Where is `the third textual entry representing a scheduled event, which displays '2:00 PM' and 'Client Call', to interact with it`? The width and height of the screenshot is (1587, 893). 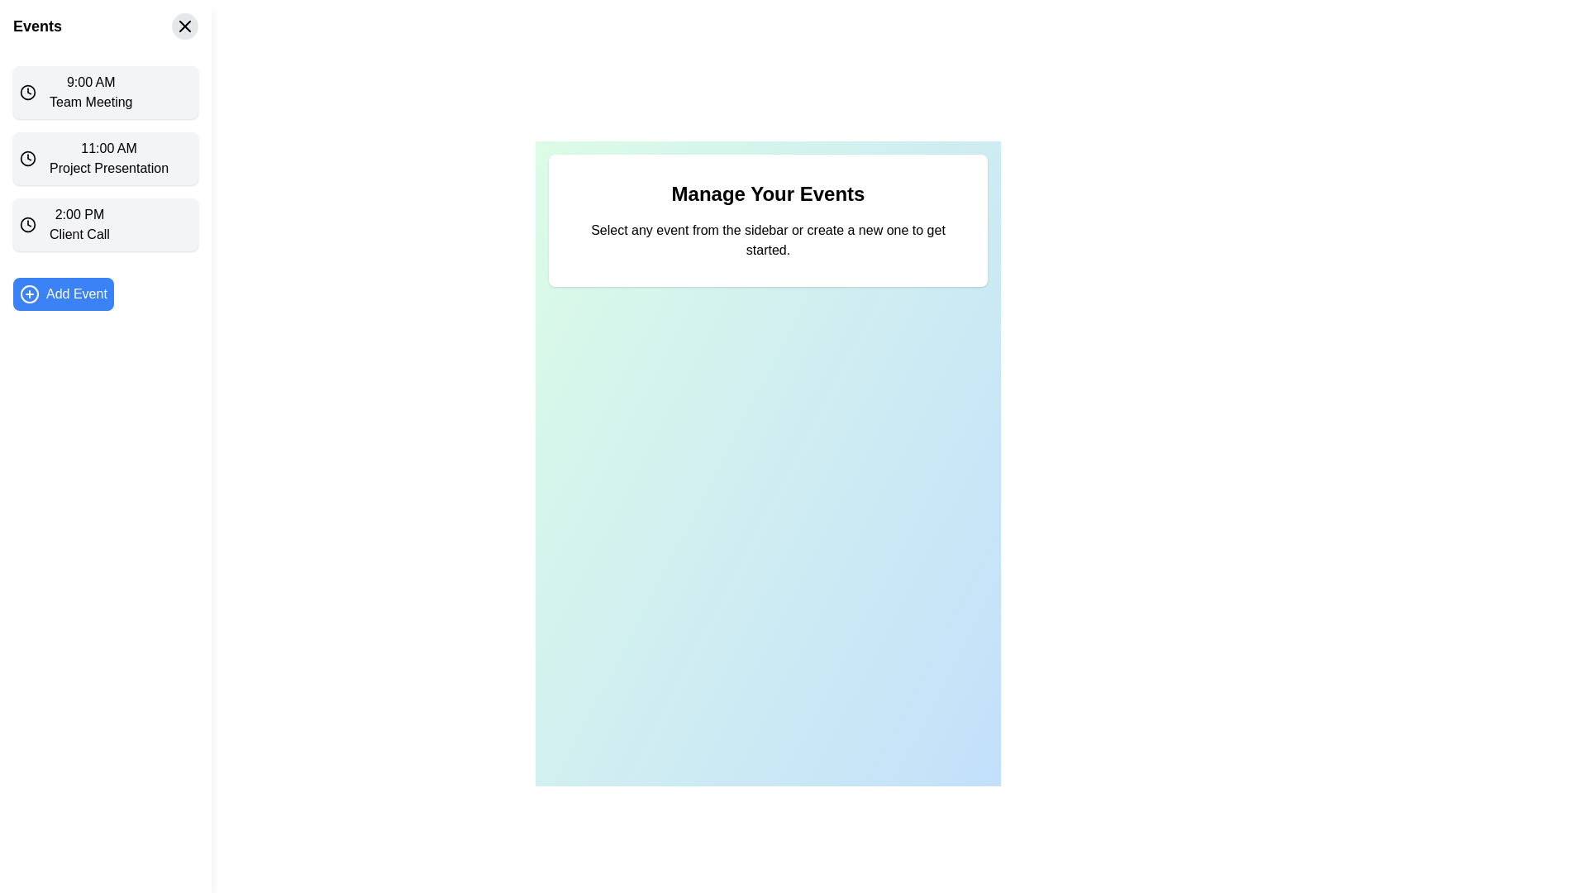 the third textual entry representing a scheduled event, which displays '2:00 PM' and 'Client Call', to interact with it is located at coordinates (79, 225).